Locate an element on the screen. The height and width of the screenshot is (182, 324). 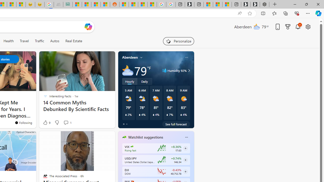
'CBOE Market Volatility Index' is located at coordinates (132, 146).